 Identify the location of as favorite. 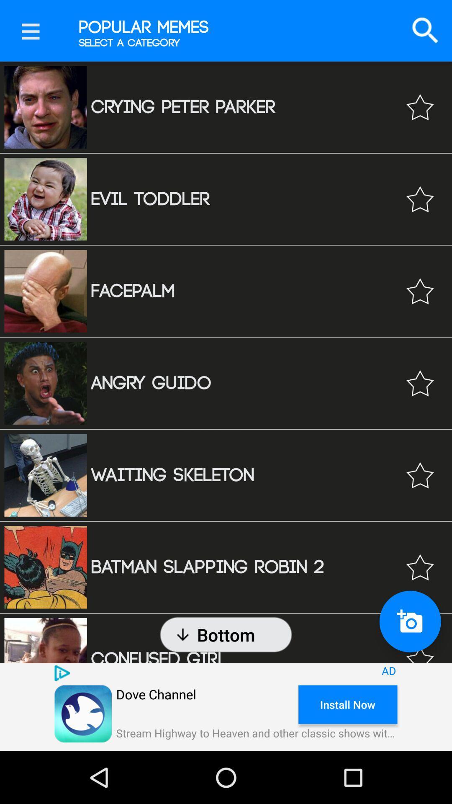
(420, 567).